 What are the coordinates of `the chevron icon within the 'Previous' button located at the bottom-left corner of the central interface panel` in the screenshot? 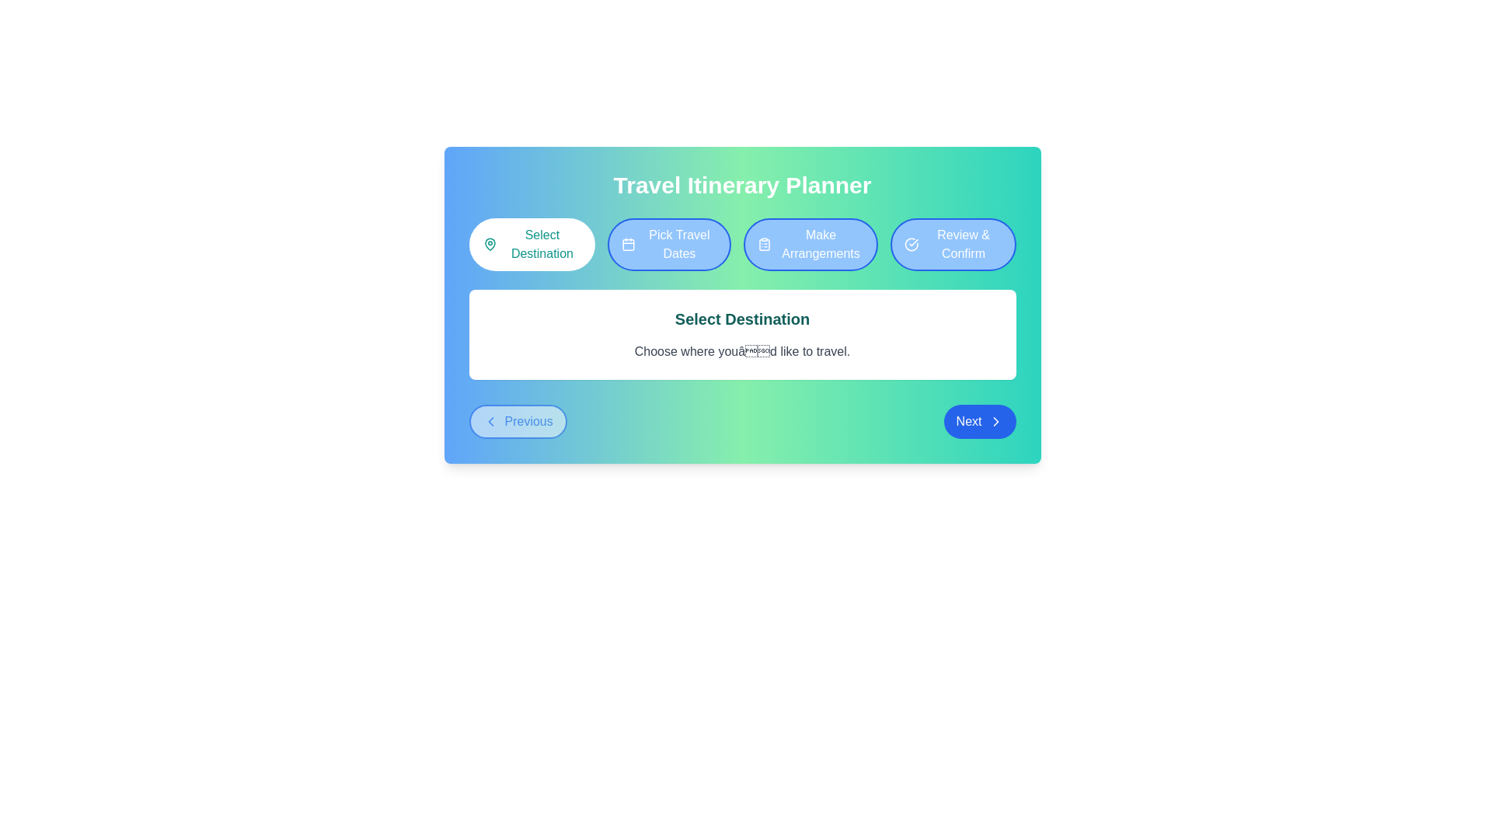 It's located at (490, 422).